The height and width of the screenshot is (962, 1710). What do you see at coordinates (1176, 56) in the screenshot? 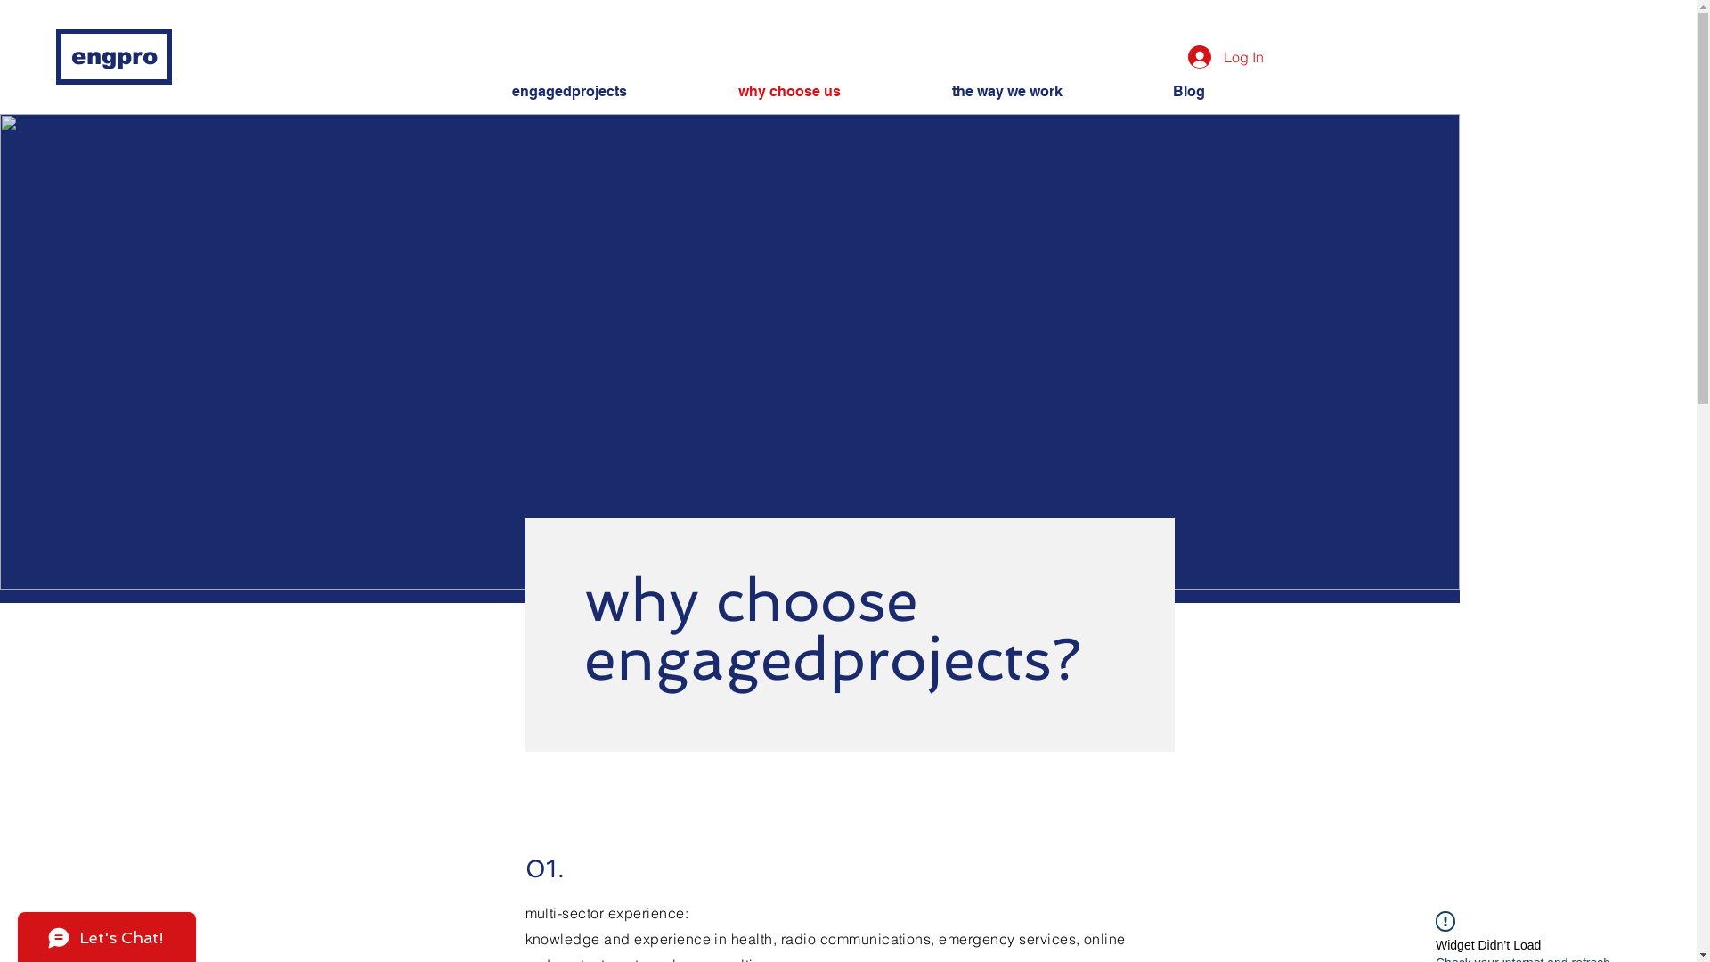
I see `'Log In'` at bounding box center [1176, 56].